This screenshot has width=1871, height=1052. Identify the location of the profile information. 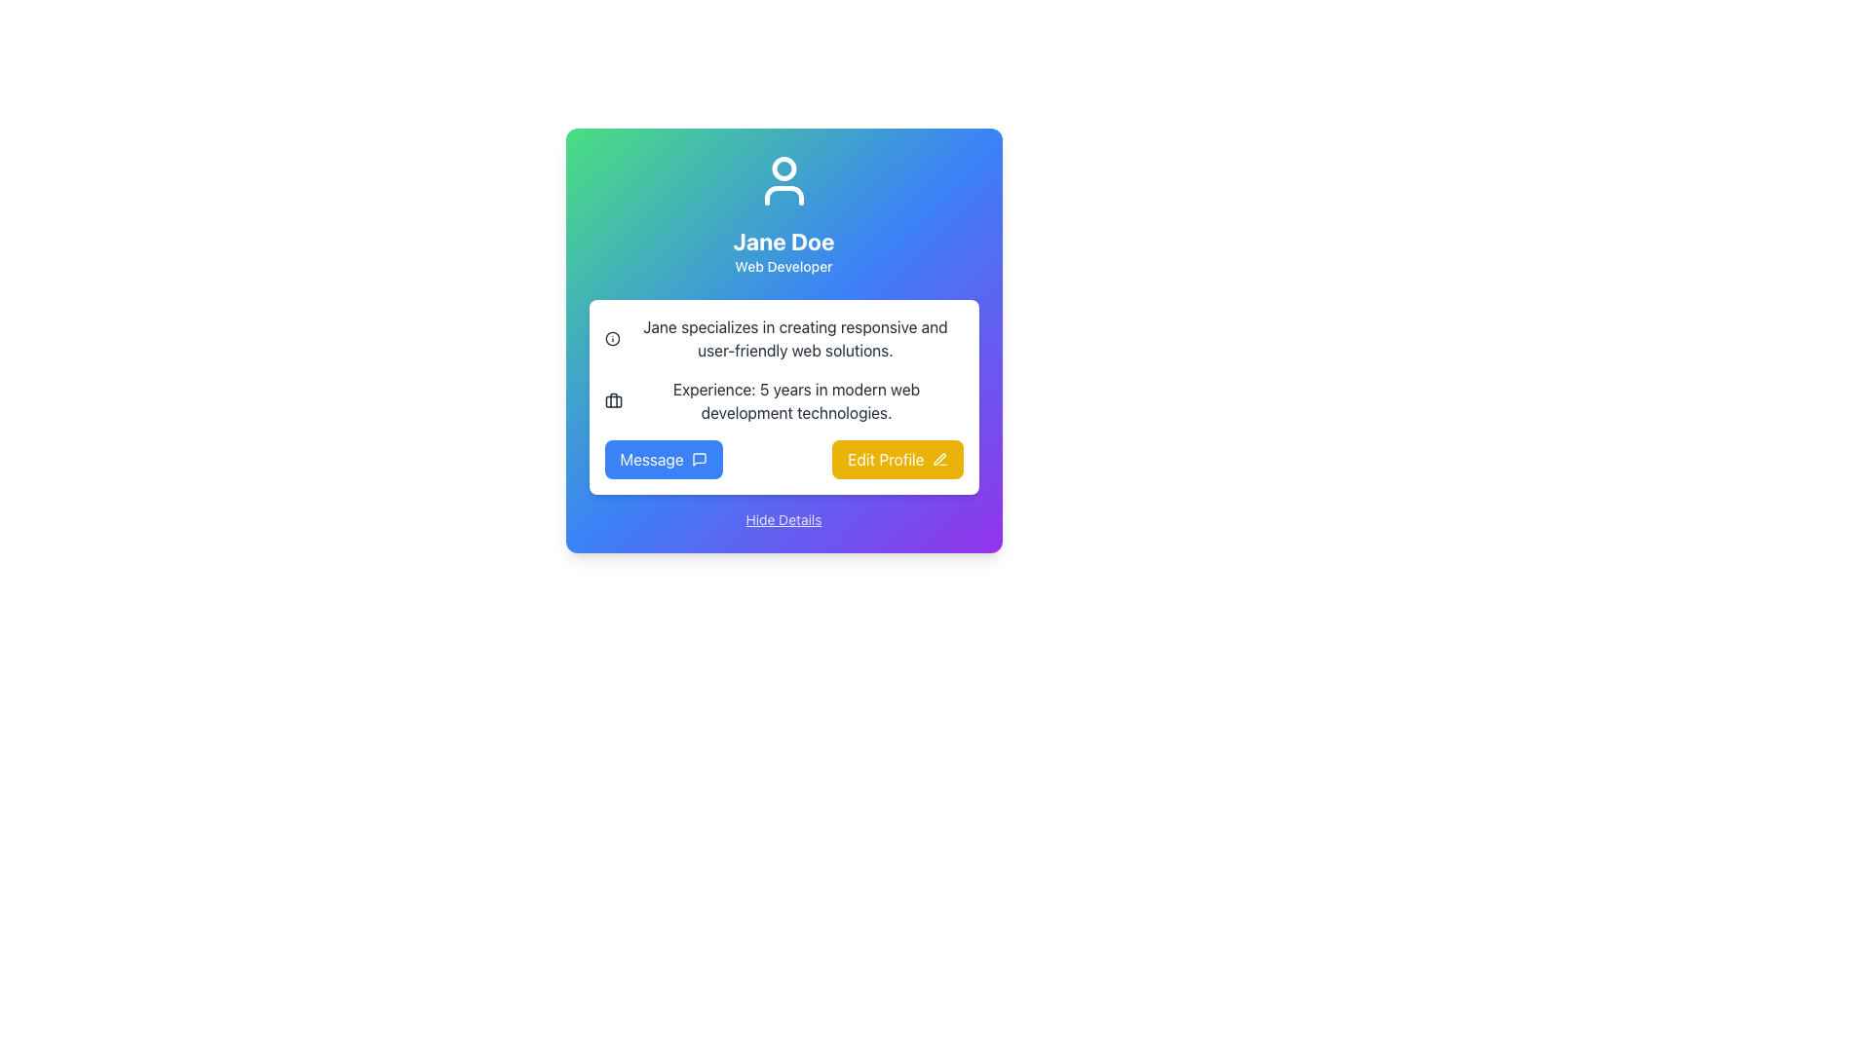
(783, 213).